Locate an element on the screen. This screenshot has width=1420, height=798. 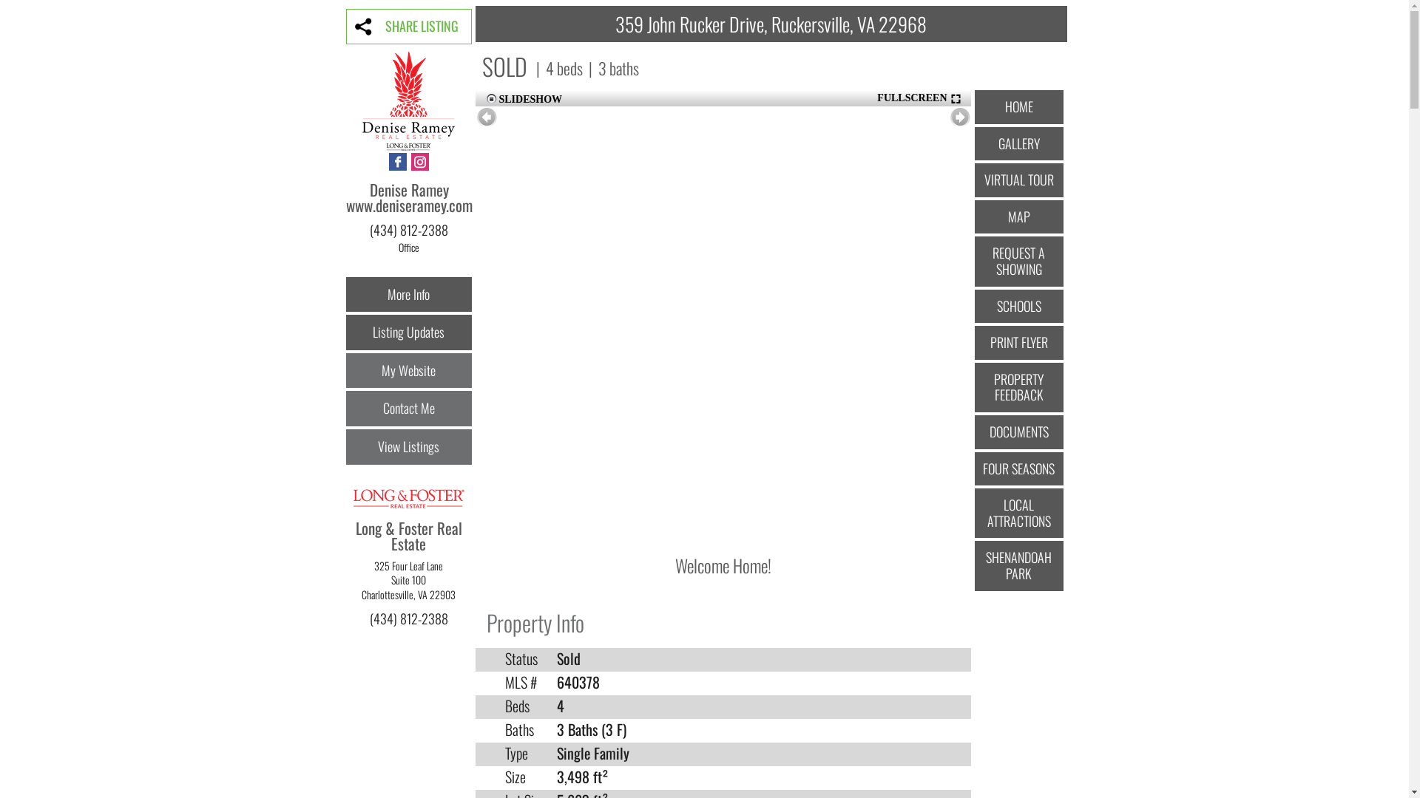
'GALLERY' is located at coordinates (975, 144).